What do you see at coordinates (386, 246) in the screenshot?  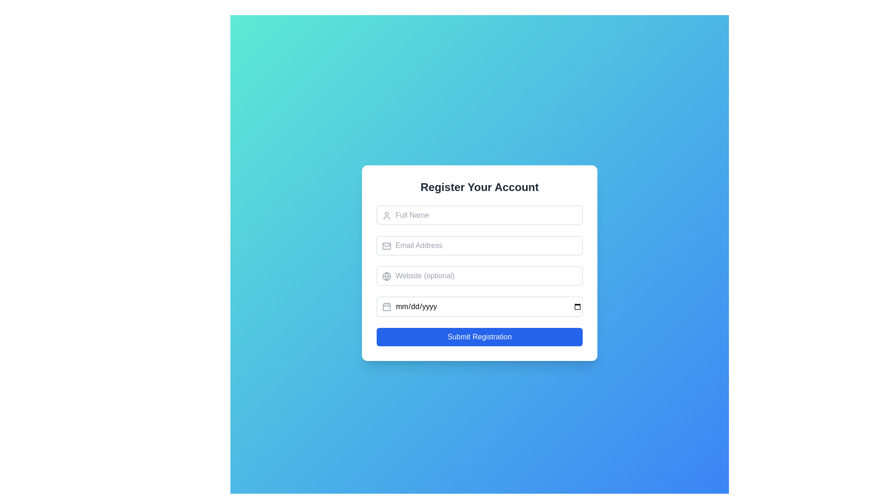 I see `the envelope icon located to the left of the 'Email Address' input field, which is styled in a line-art manner and has a soft gray color tone` at bounding box center [386, 246].